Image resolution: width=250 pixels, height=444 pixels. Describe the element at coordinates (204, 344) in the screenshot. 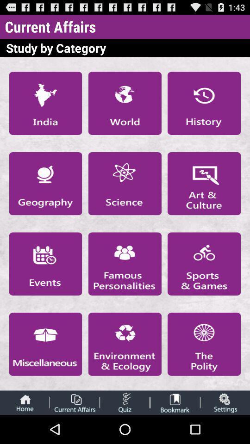

I see `the polity section` at that location.